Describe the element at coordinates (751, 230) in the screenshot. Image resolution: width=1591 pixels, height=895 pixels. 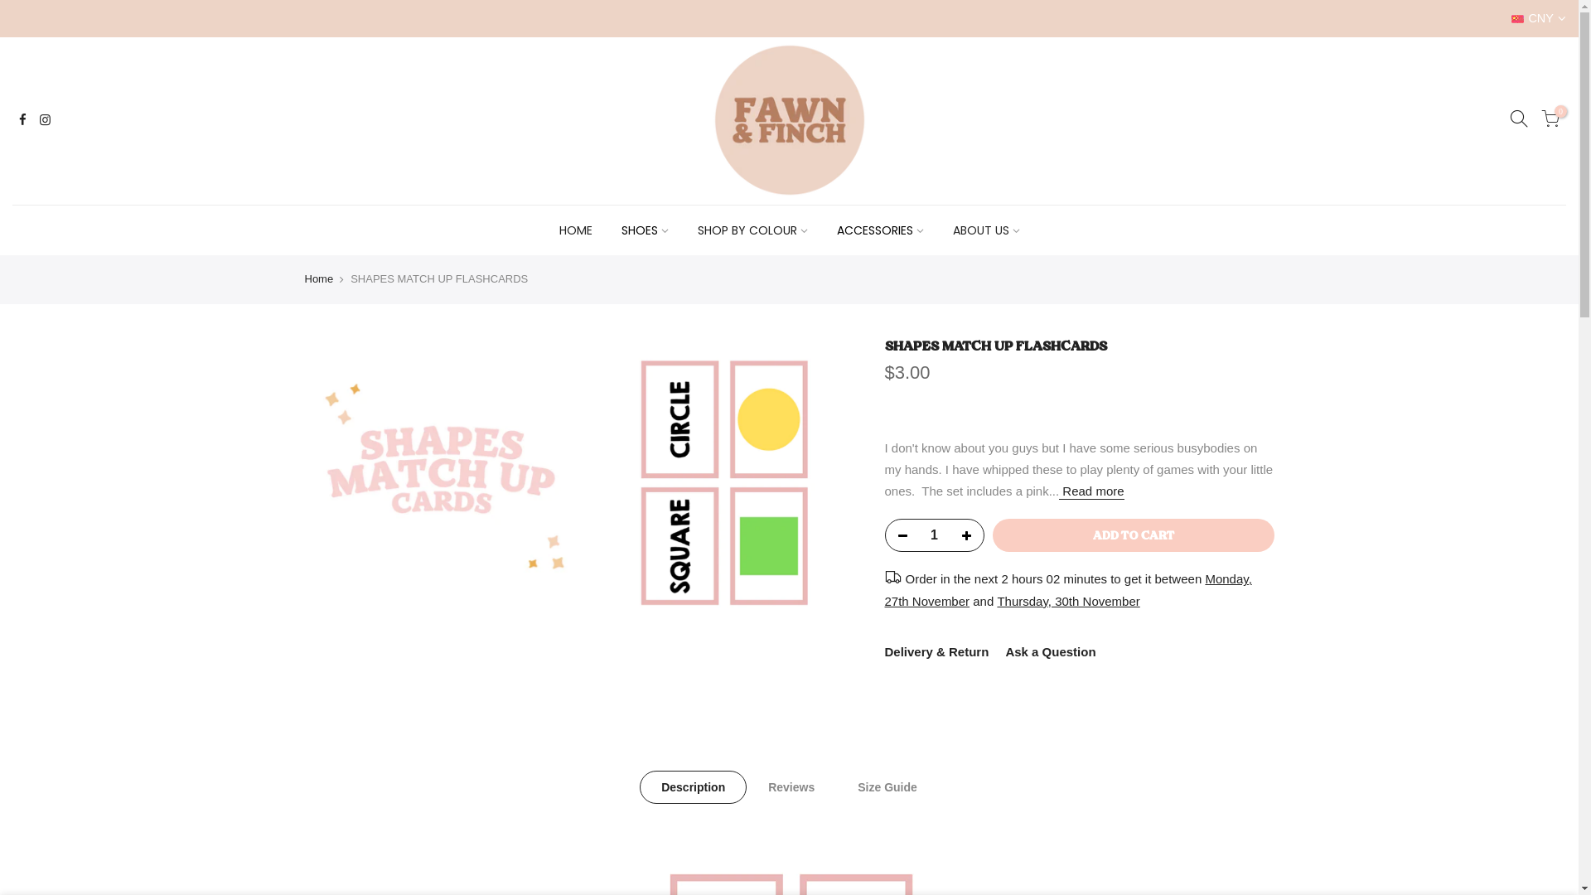
I see `'SHOP BY COLOUR'` at that location.